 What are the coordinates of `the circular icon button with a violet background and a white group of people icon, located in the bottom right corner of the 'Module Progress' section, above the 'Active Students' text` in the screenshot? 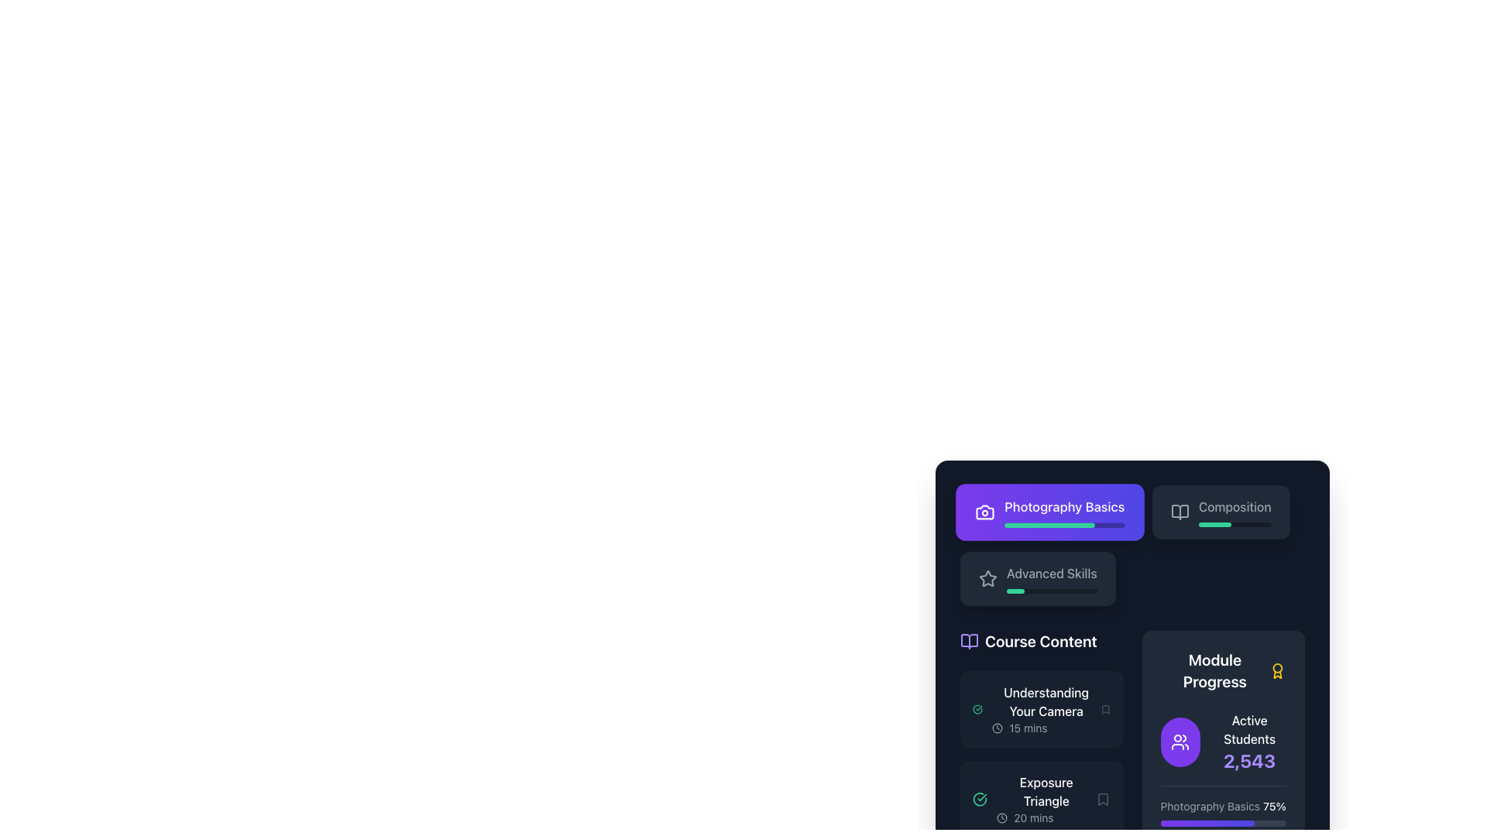 It's located at (1180, 742).